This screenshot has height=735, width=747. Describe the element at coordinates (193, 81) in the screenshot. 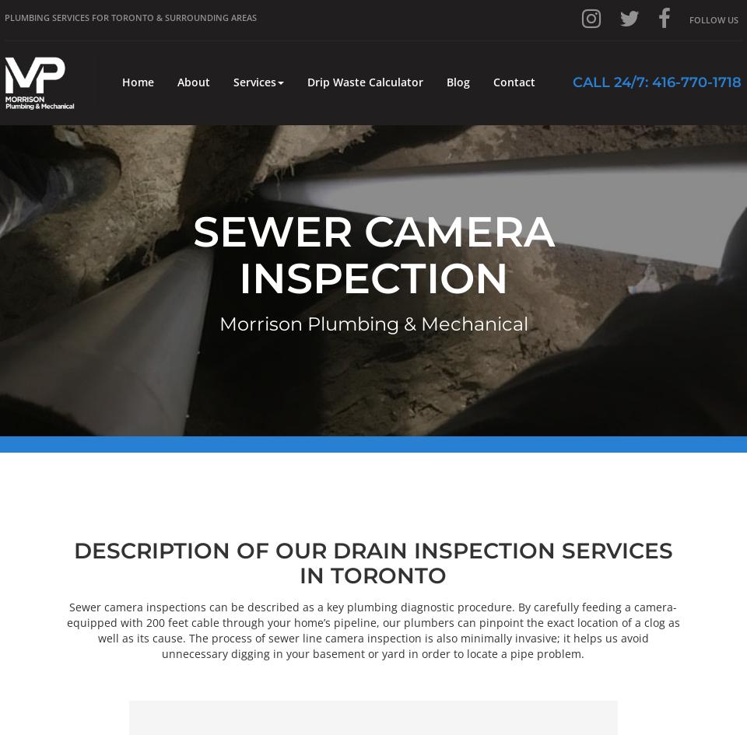

I see `'About'` at that location.